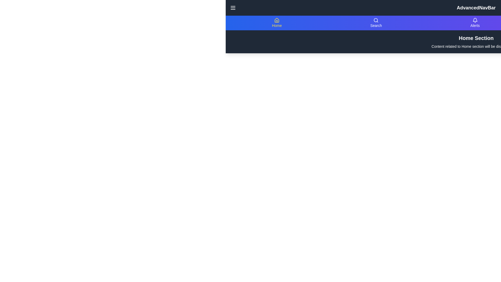  I want to click on the menu button to toggle the visibility of the navigation menu, so click(232, 8).